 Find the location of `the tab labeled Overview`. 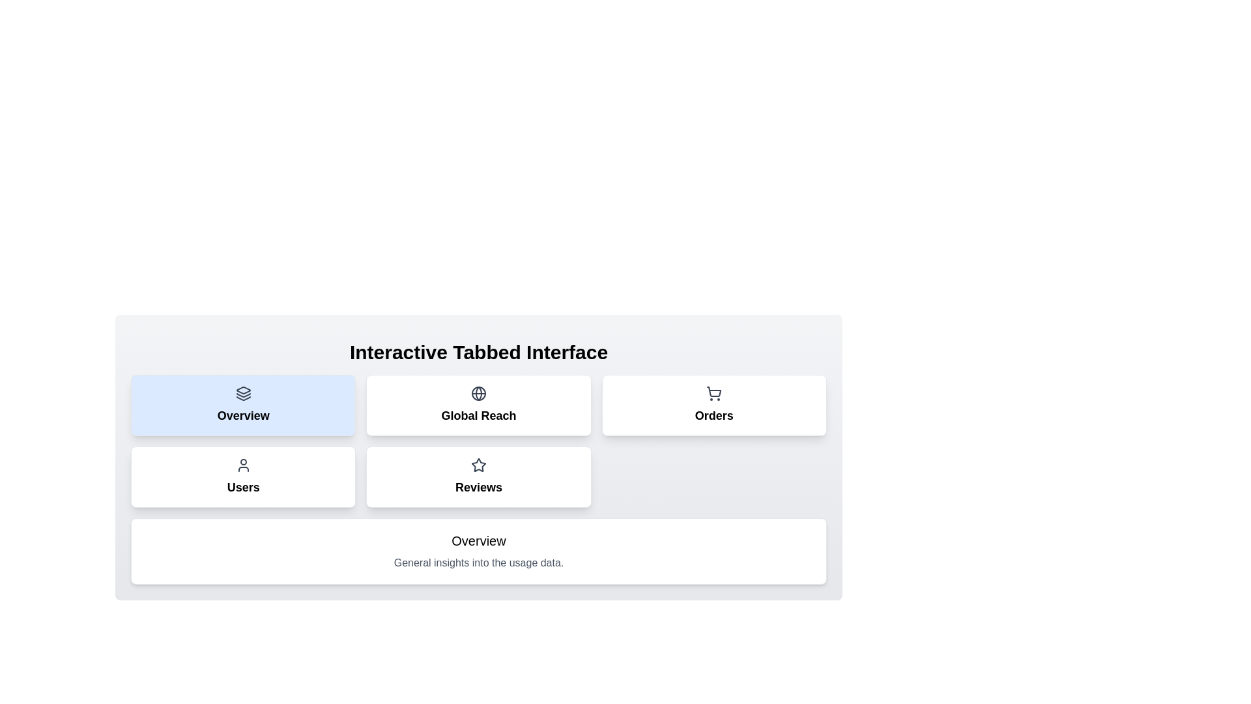

the tab labeled Overview is located at coordinates (243, 404).